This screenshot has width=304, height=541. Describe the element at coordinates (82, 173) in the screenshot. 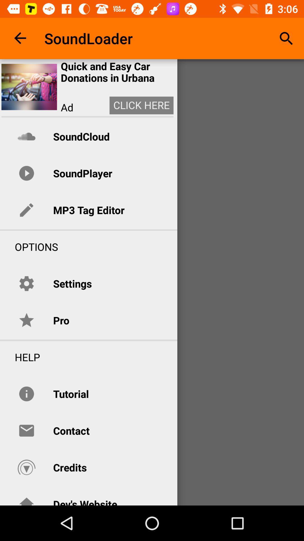

I see `soundplayer item` at that location.